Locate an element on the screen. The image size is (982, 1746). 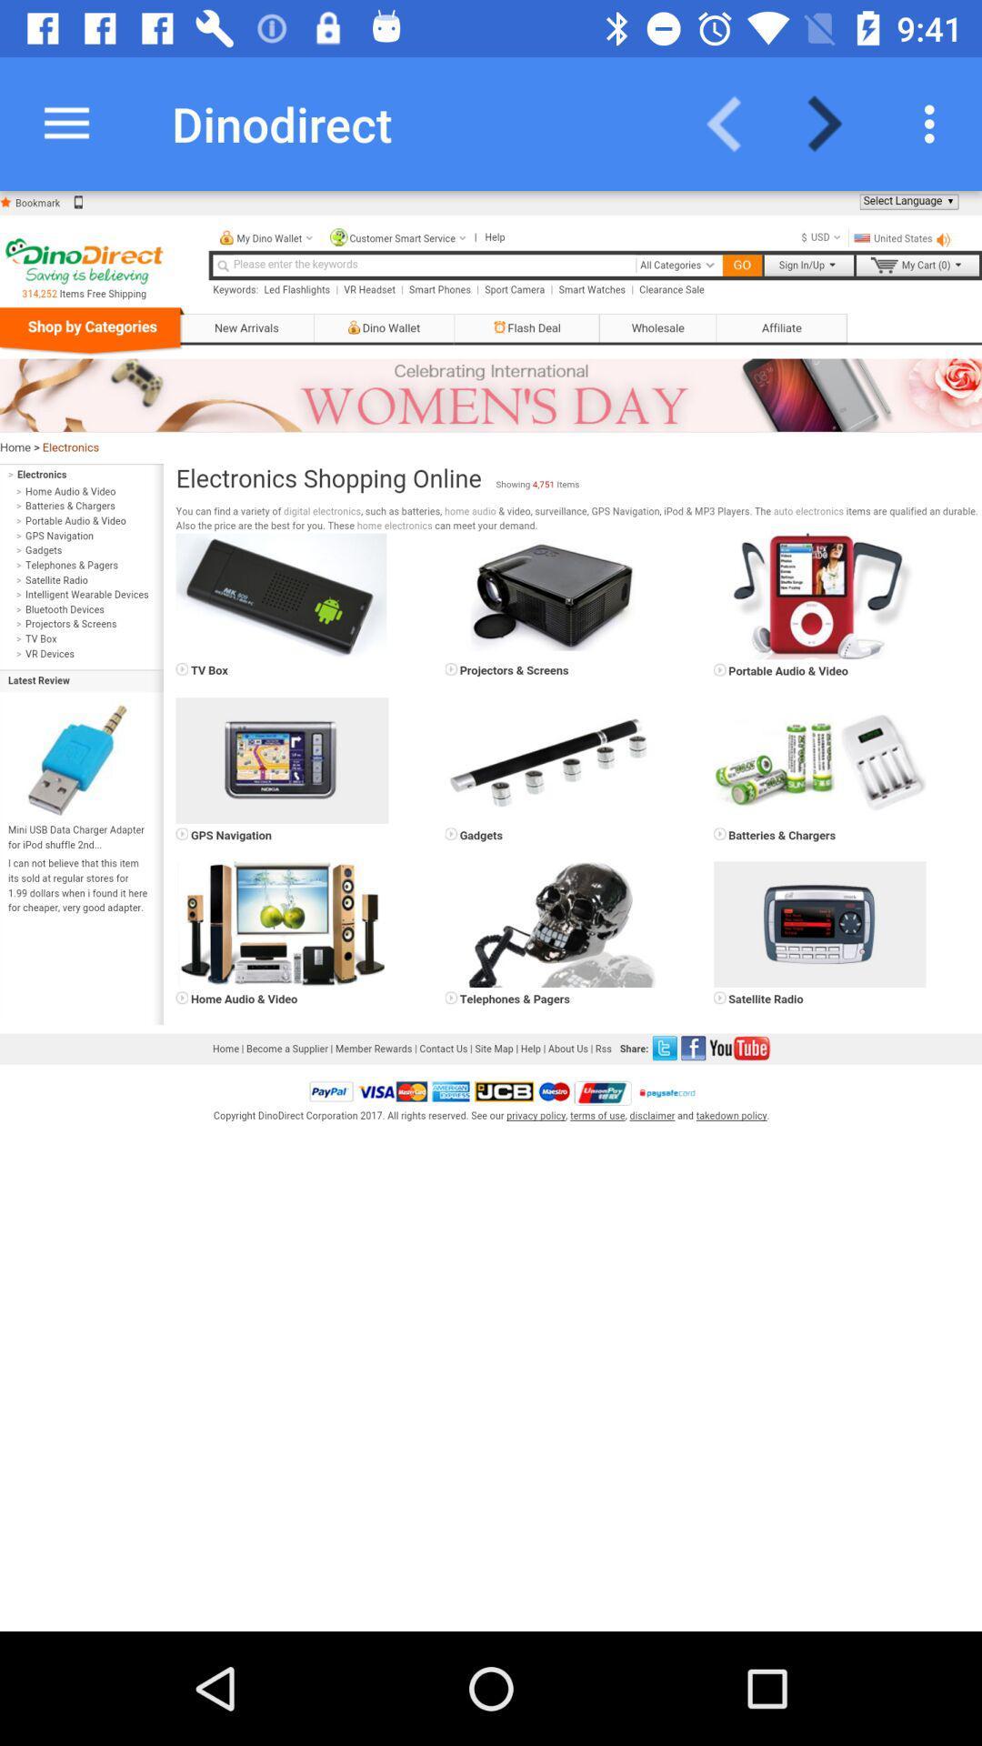
go forward is located at coordinates (836, 123).